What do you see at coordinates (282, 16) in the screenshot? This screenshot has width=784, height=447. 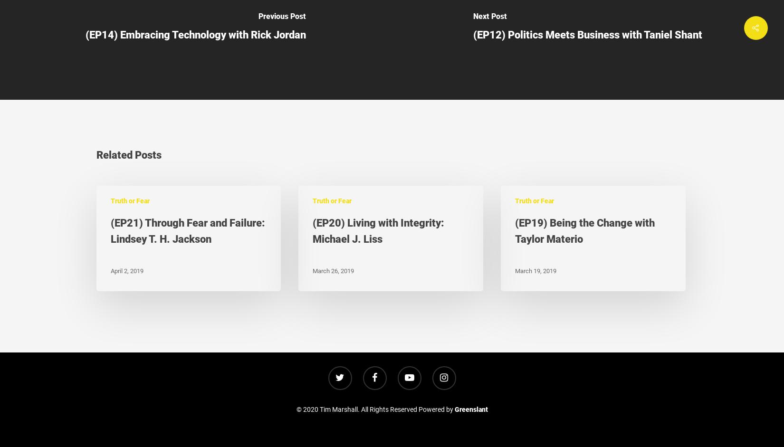 I see `'Previous Post'` at bounding box center [282, 16].